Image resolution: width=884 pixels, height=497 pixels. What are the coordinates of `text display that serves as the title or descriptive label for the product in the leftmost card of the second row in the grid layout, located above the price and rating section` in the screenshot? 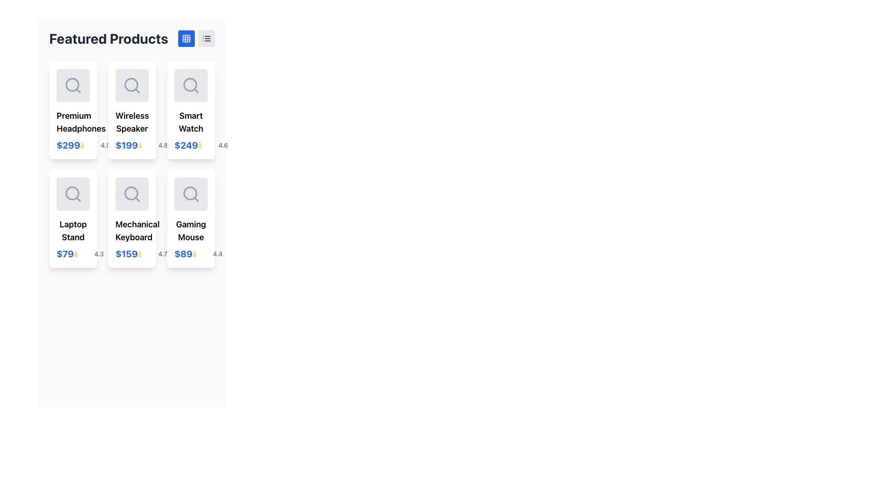 It's located at (72, 230).